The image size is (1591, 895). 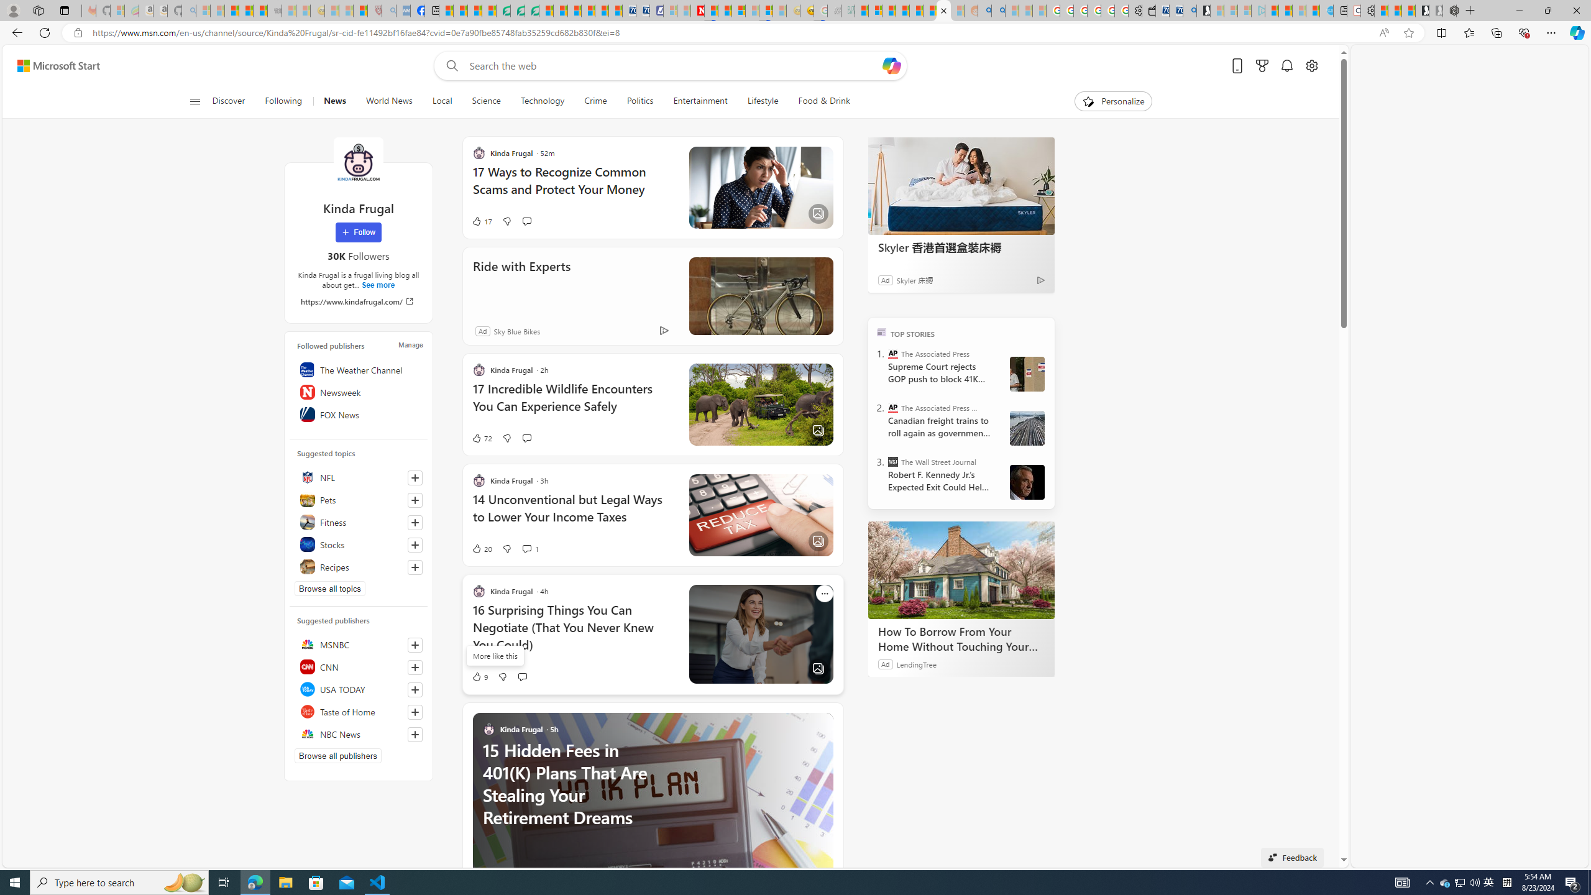 I want to click on 'World - MSN', so click(x=474, y=10).